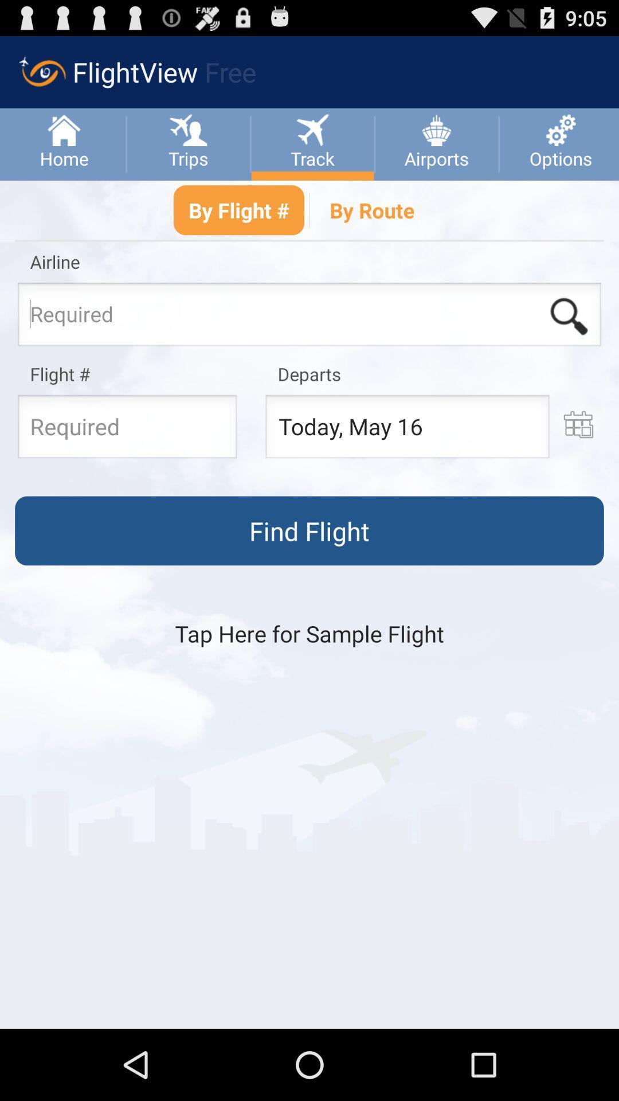 The height and width of the screenshot is (1101, 619). Describe the element at coordinates (187, 128) in the screenshot. I see `the option which is right side of home option` at that location.